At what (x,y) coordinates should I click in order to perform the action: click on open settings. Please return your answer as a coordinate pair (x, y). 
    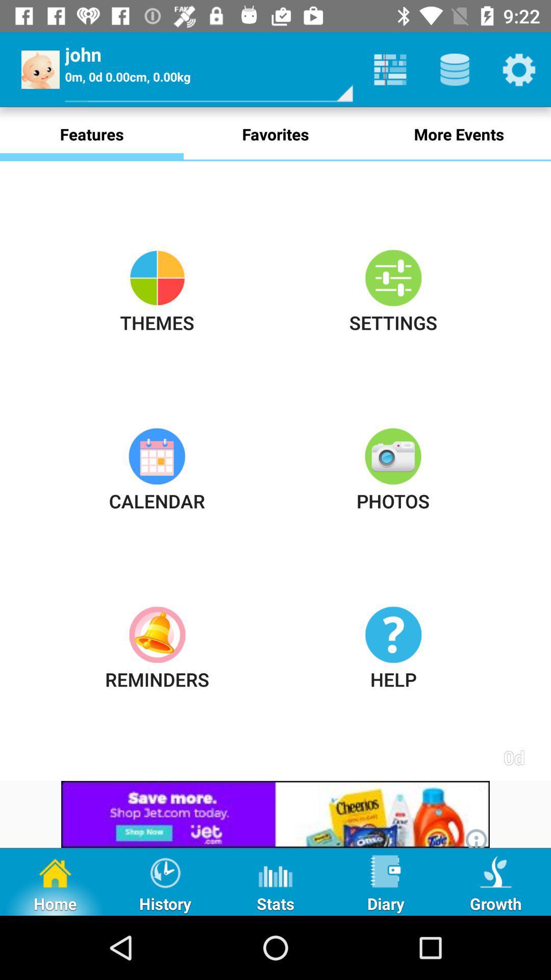
    Looking at the image, I should click on (519, 69).